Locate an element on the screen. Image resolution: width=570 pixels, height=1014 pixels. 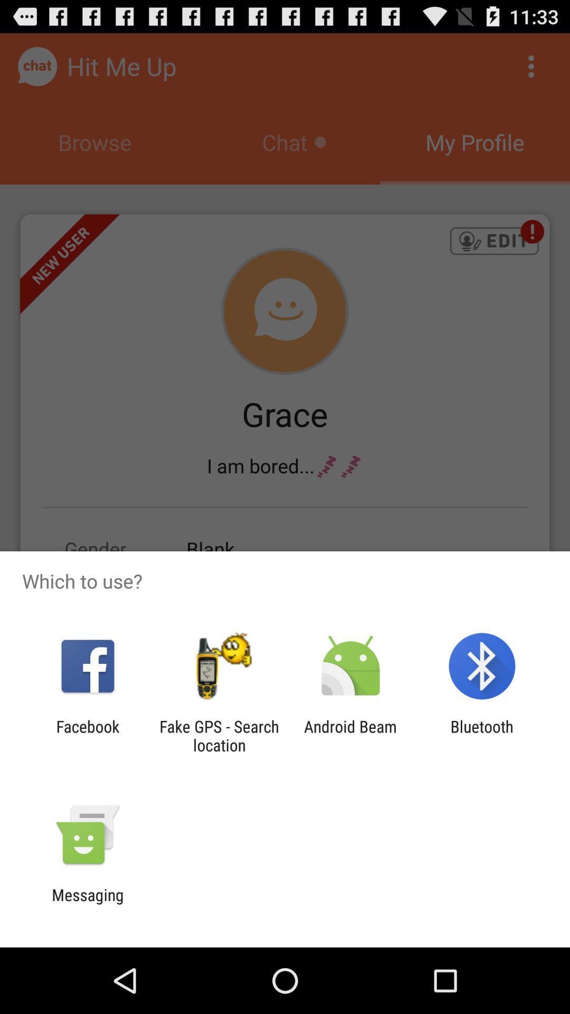
messaging icon is located at coordinates (87, 904).